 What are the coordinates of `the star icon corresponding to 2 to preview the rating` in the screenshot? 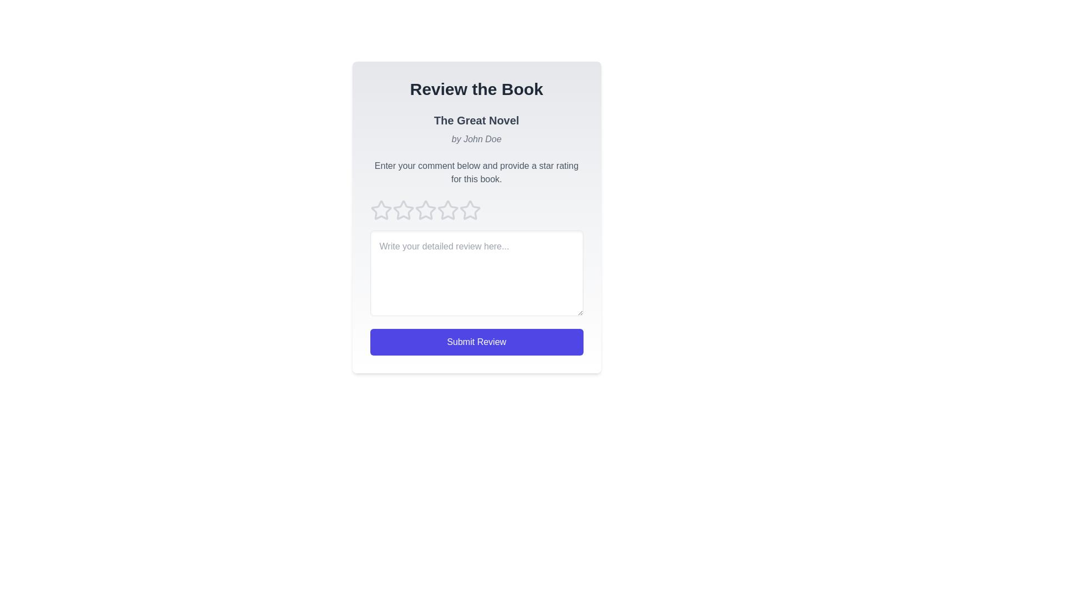 It's located at (403, 210).